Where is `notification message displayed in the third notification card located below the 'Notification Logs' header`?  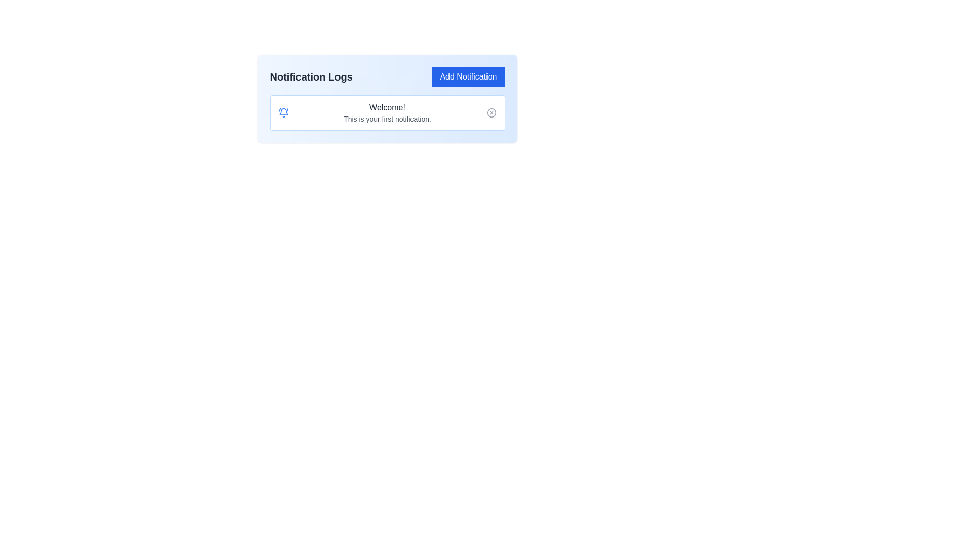
notification message displayed in the third notification card located below the 'Notification Logs' header is located at coordinates (387, 113).